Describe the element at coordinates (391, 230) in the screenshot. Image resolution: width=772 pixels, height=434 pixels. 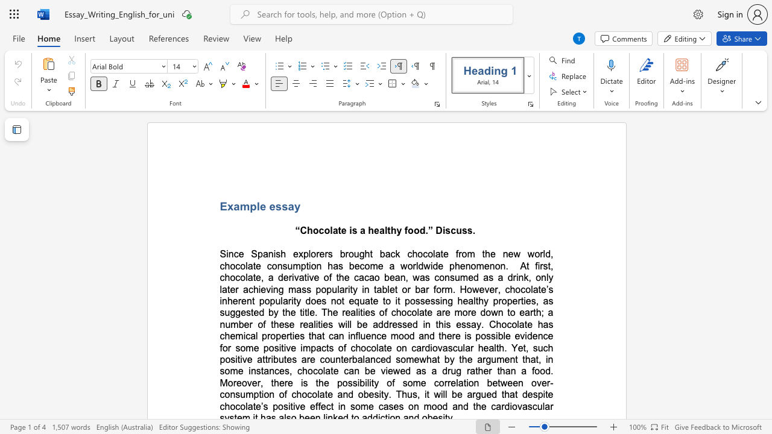
I see `the space between the continuous character "t" and "h" in the text` at that location.